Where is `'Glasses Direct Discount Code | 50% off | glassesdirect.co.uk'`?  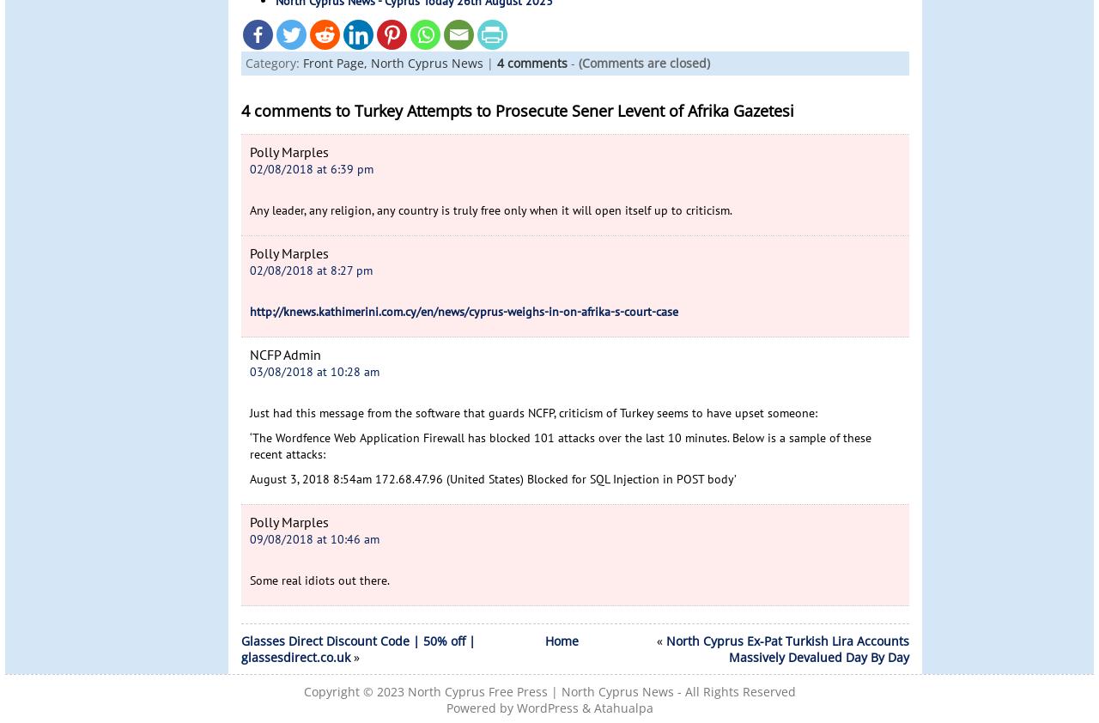
'Glasses Direct Discount Code | 50% off | glassesdirect.co.uk' is located at coordinates (357, 649).